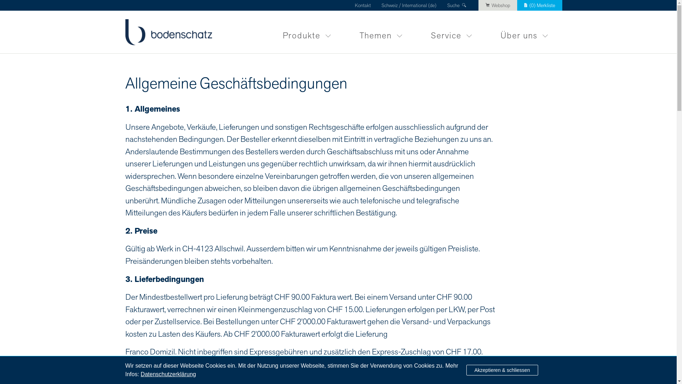  I want to click on 'Webshop', so click(497, 5).